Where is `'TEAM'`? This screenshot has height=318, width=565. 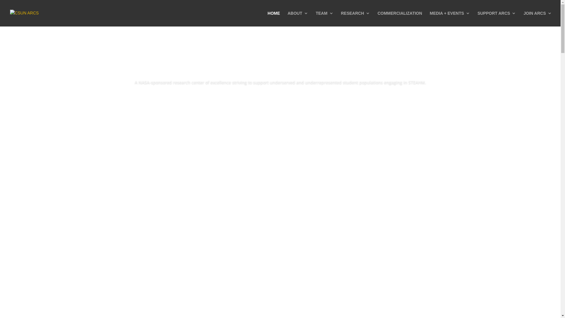
'TEAM' is located at coordinates (324, 19).